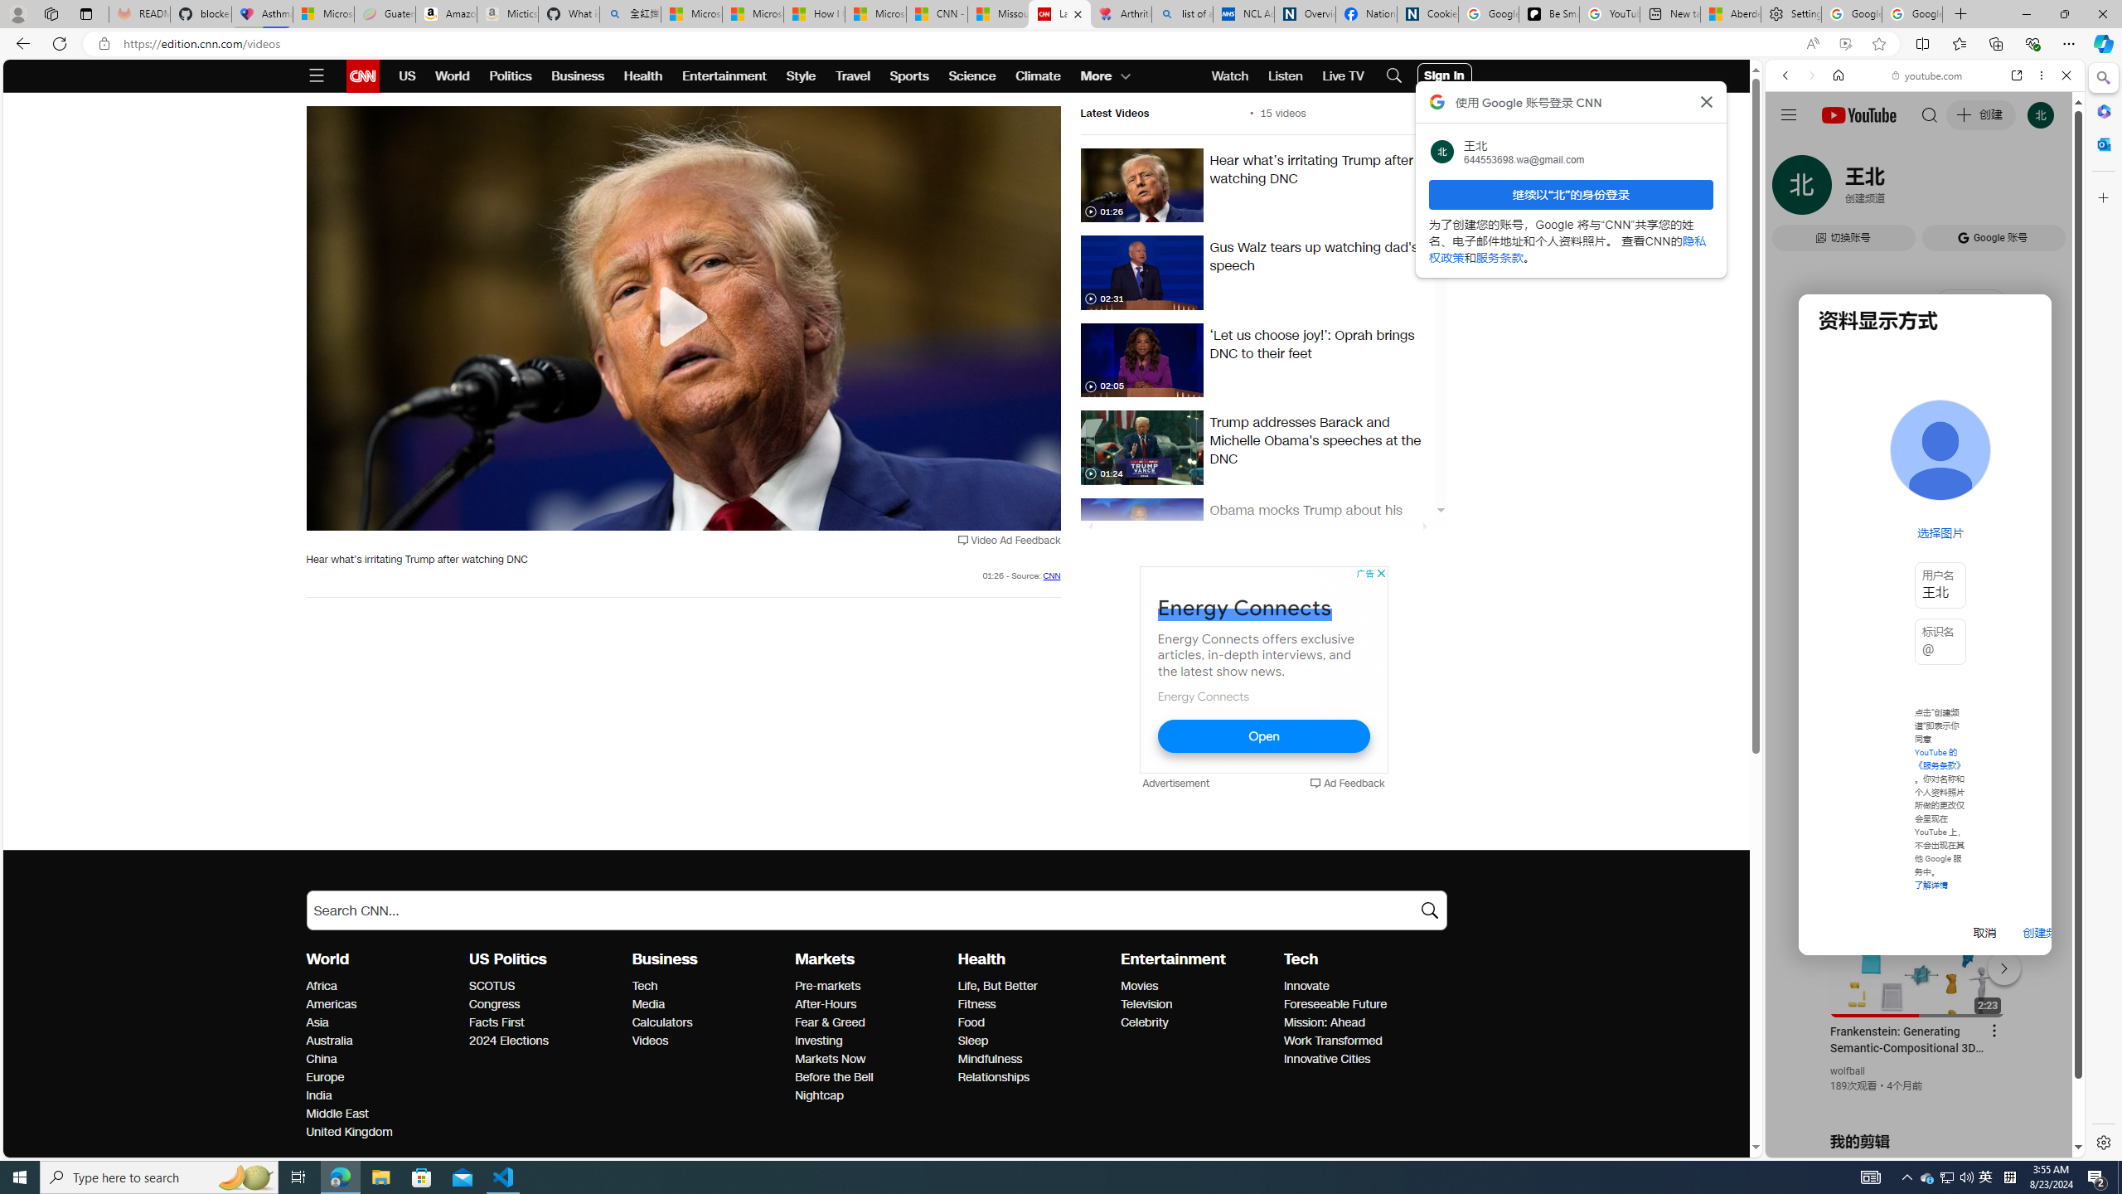  What do you see at coordinates (2051, 666) in the screenshot?
I see `'Click to scroll right'` at bounding box center [2051, 666].